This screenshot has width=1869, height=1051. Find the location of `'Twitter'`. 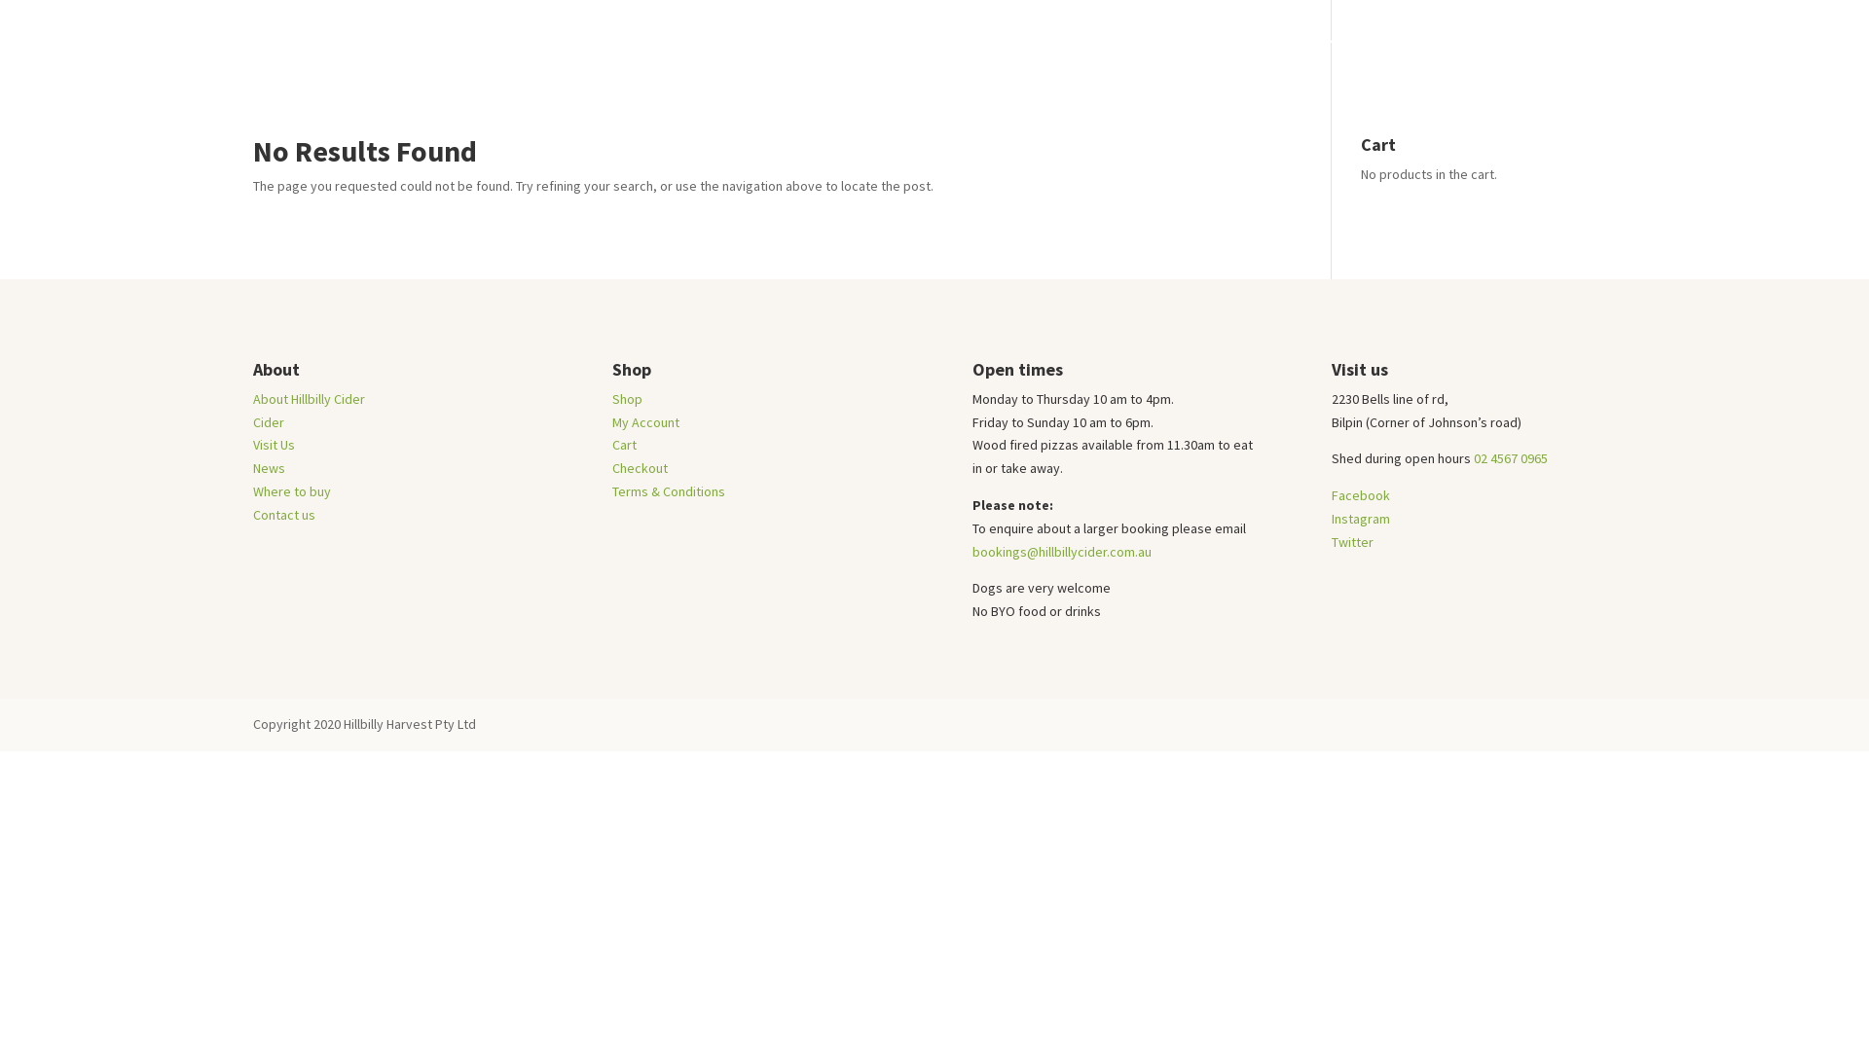

'Twitter' is located at coordinates (1351, 541).